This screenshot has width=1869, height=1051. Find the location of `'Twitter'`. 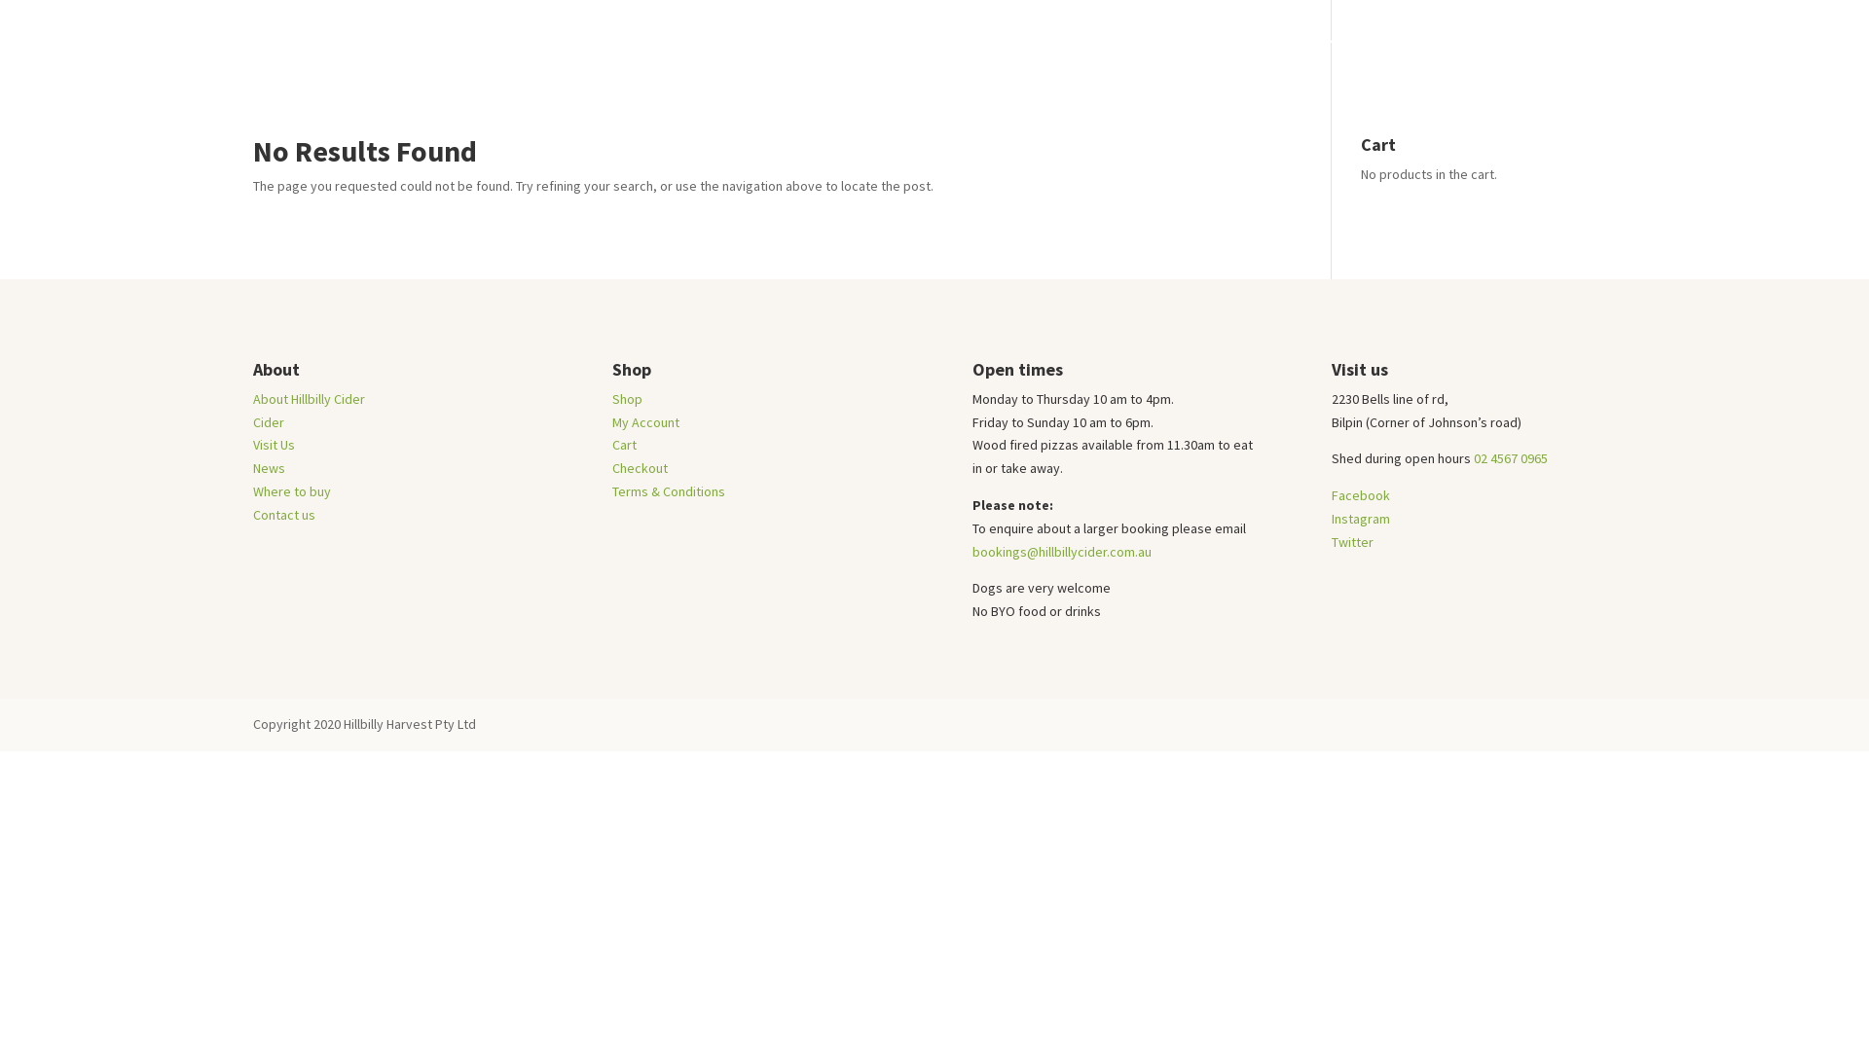

'Twitter' is located at coordinates (1351, 541).